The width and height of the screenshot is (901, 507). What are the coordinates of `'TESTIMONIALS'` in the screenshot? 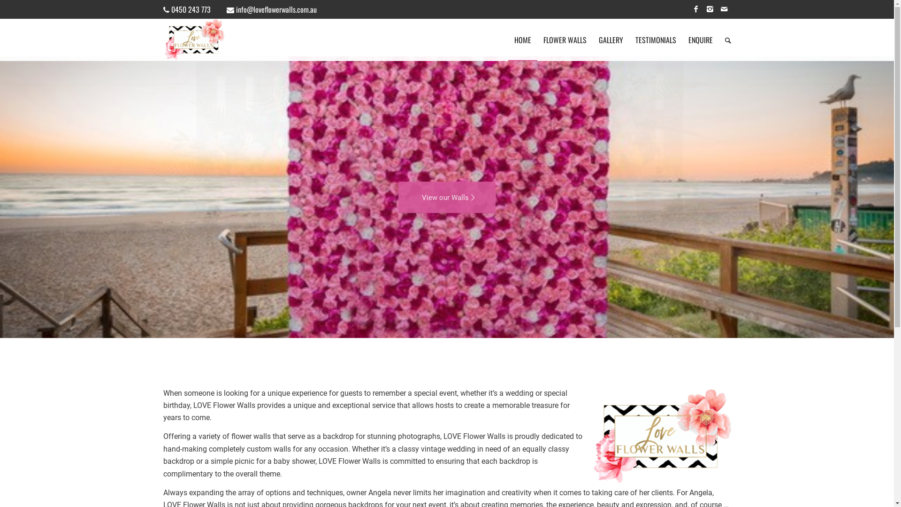 It's located at (655, 39).